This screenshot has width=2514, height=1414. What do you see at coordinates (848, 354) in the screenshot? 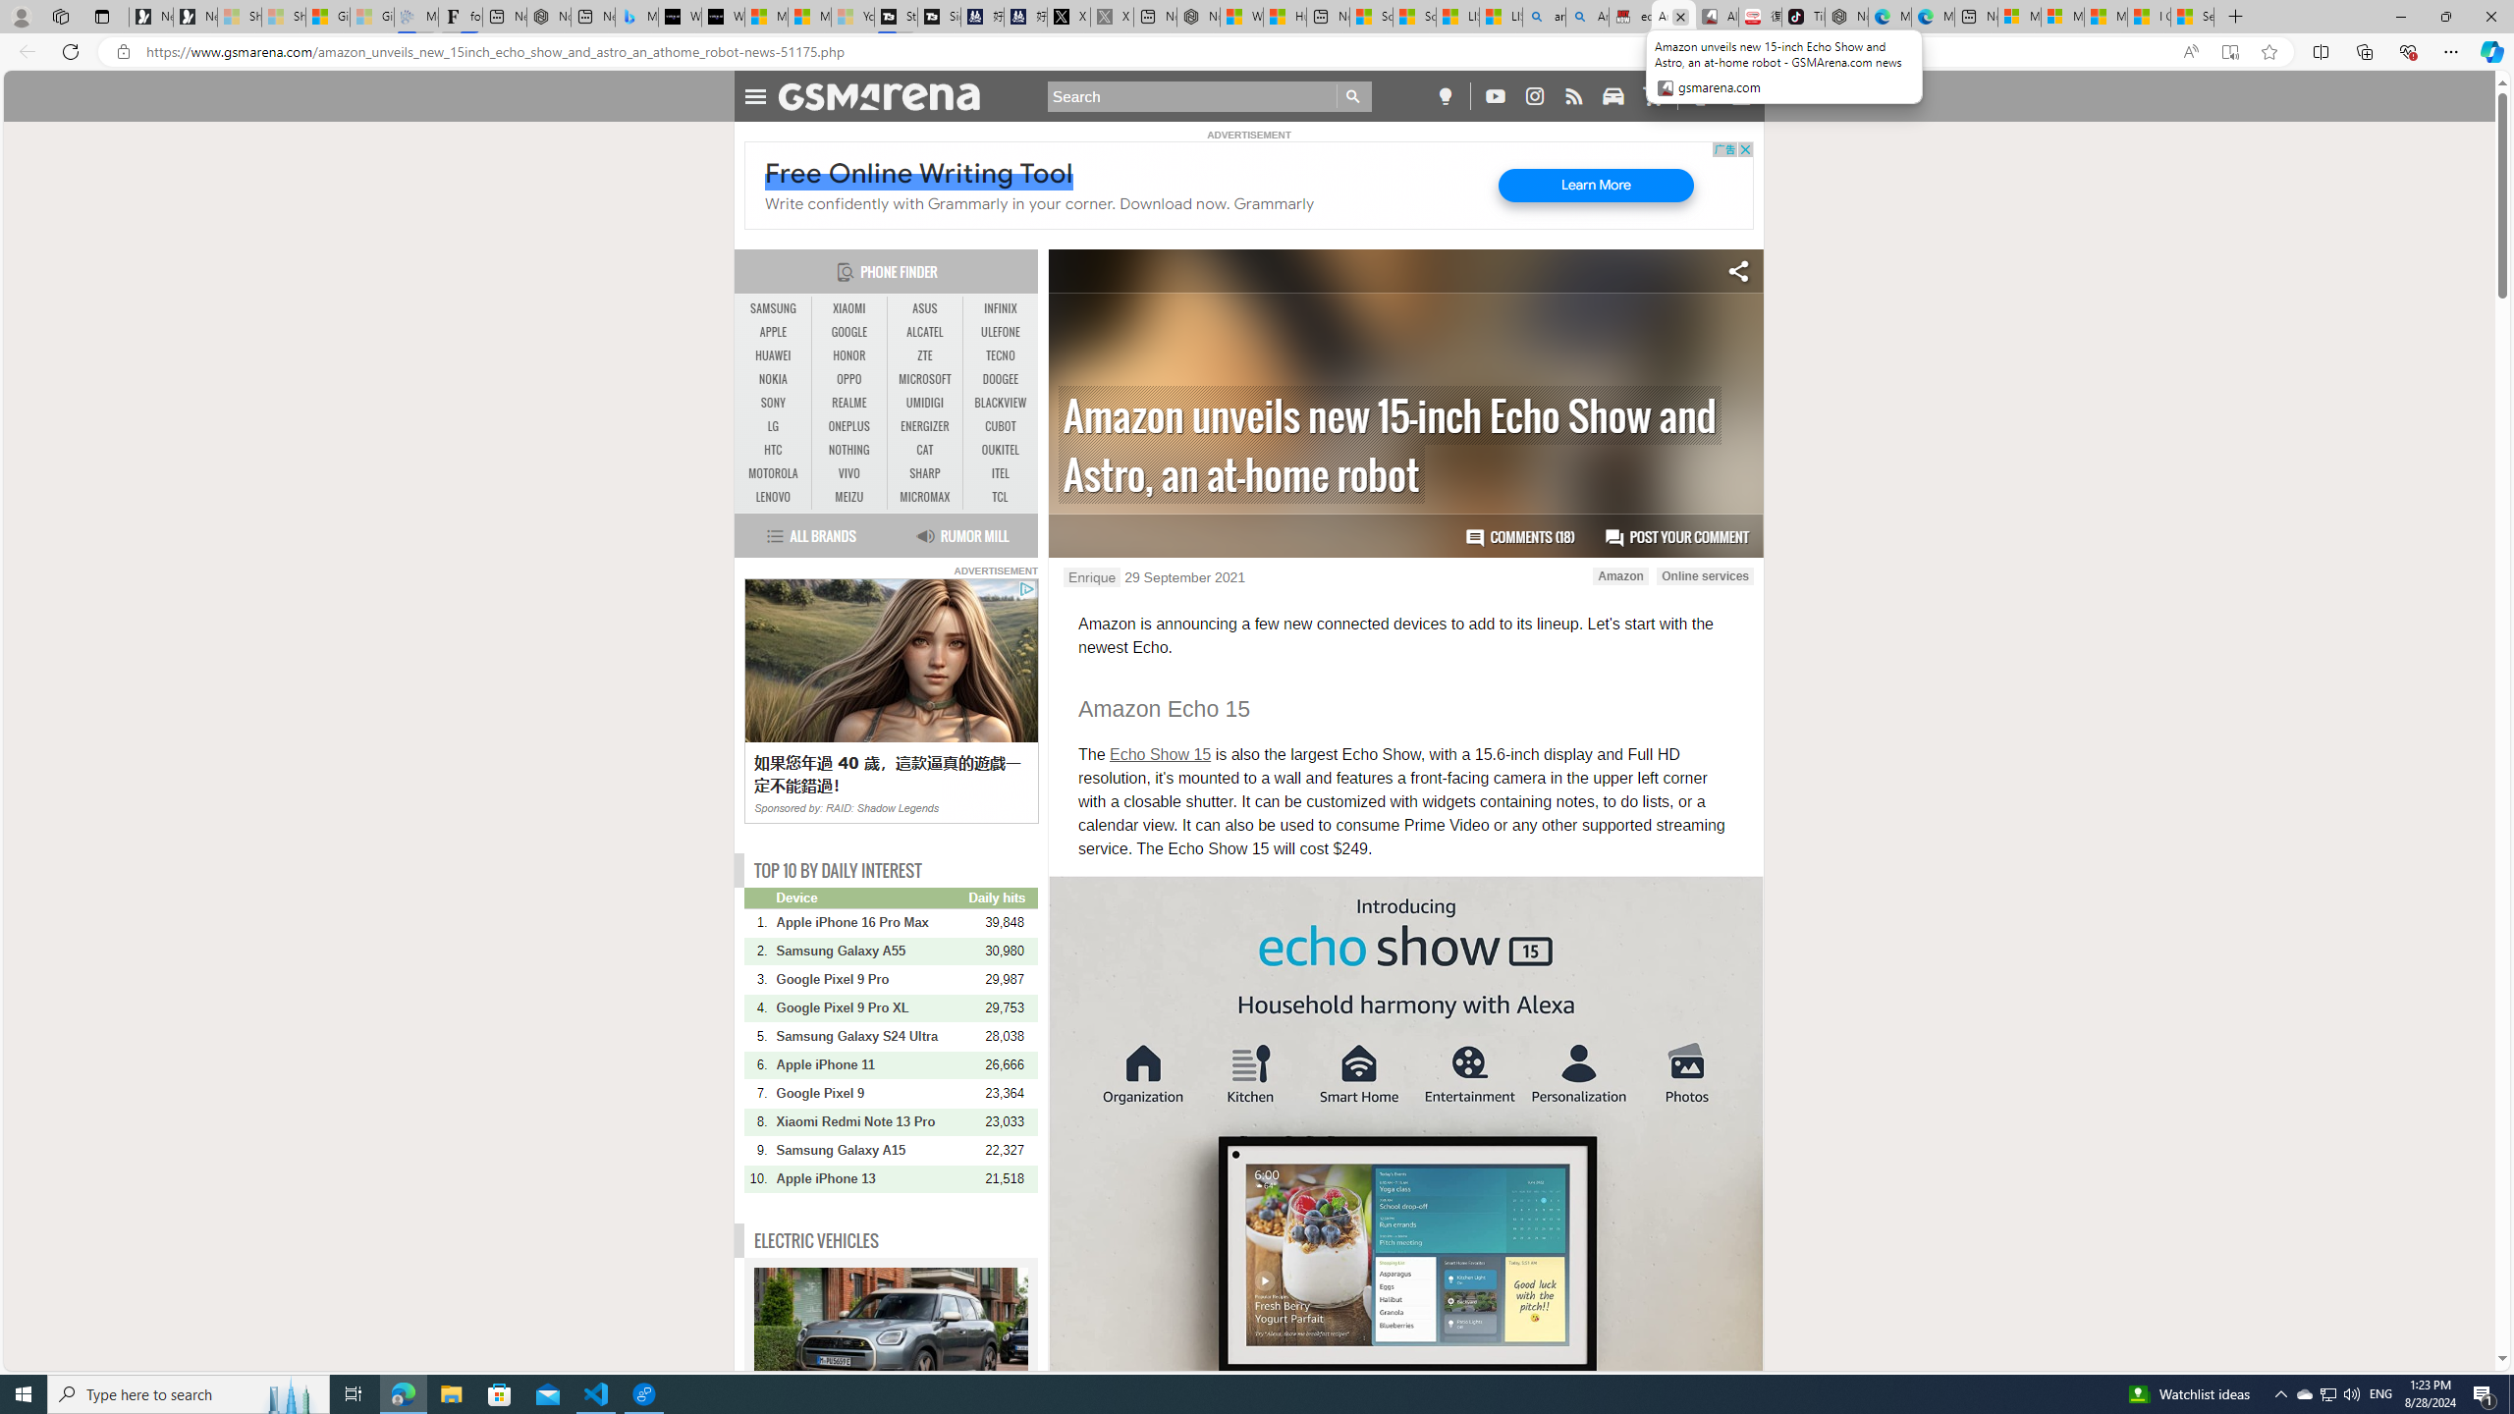
I see `'HONOR'` at bounding box center [848, 354].